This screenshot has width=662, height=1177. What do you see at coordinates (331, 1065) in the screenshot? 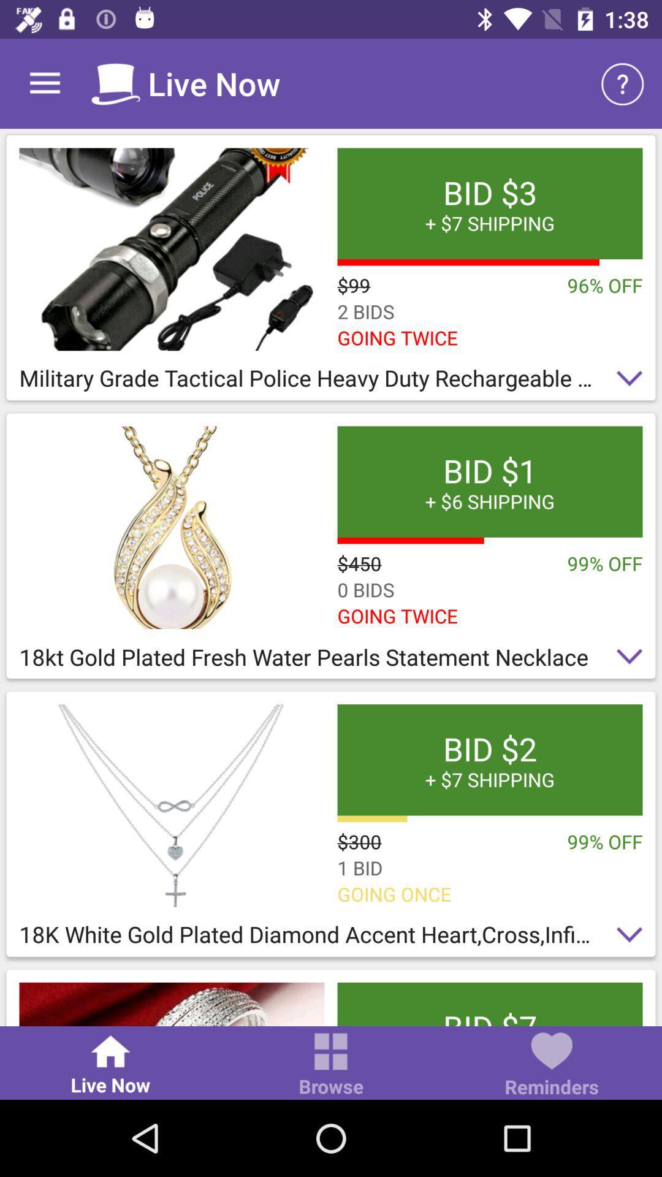
I see `the icon next to the reminders icon` at bounding box center [331, 1065].